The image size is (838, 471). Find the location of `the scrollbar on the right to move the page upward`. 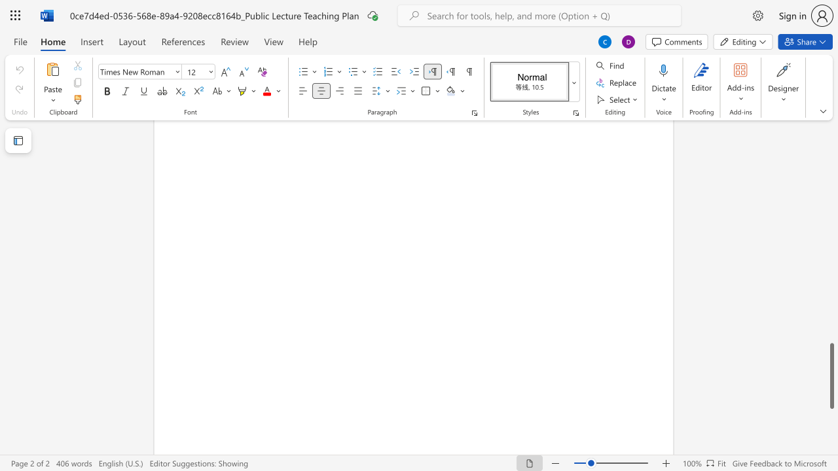

the scrollbar on the right to move the page upward is located at coordinates (831, 169).